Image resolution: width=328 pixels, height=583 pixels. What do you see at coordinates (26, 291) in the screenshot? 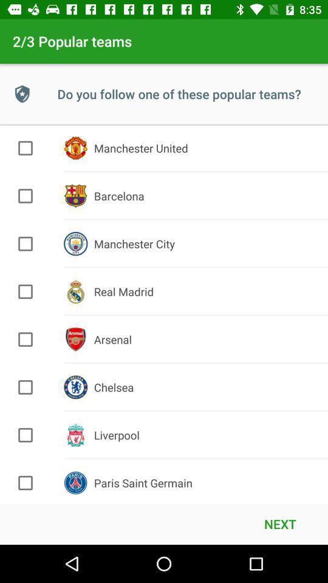
I see `this item` at bounding box center [26, 291].